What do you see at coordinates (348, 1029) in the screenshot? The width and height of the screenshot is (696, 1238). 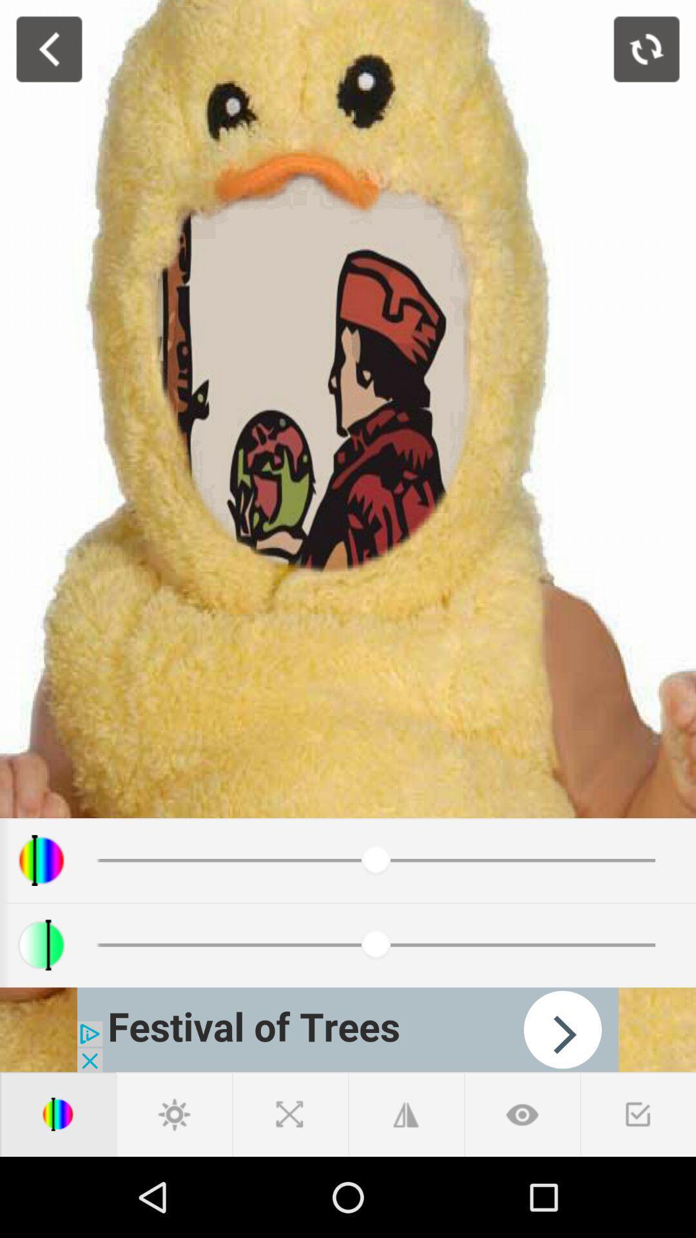 I see `next page that in named` at bounding box center [348, 1029].